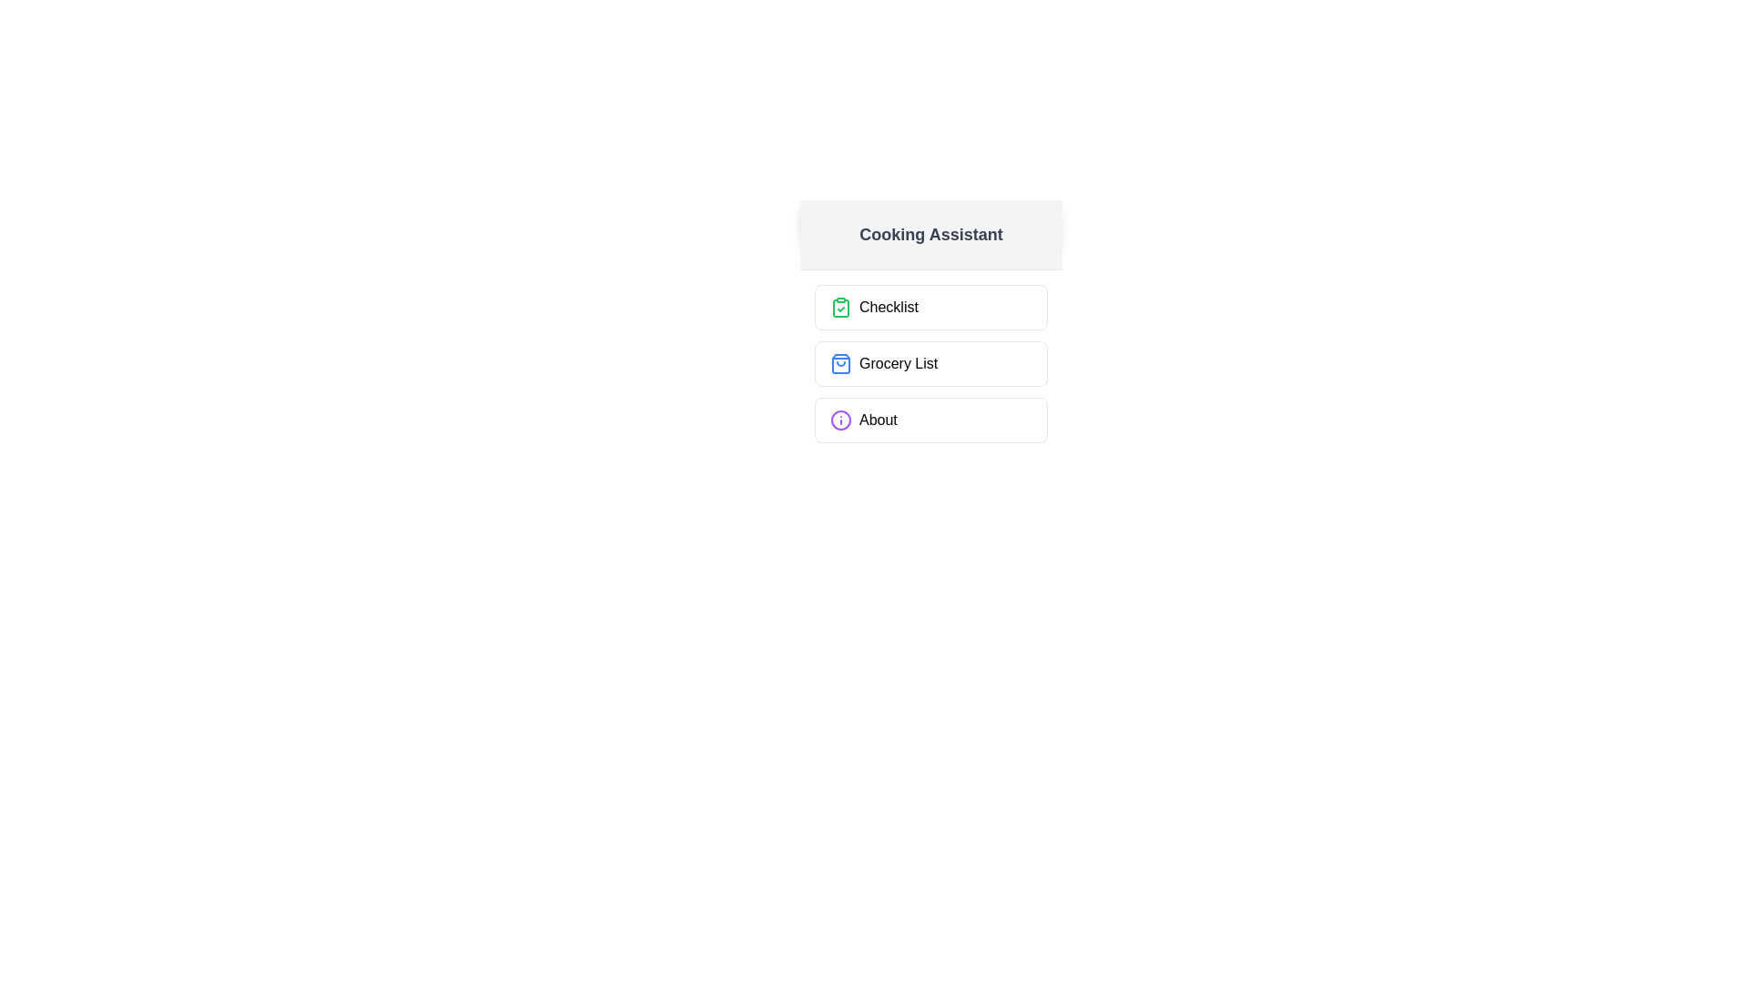  I want to click on the icon accompanying the About button, so click(840, 421).